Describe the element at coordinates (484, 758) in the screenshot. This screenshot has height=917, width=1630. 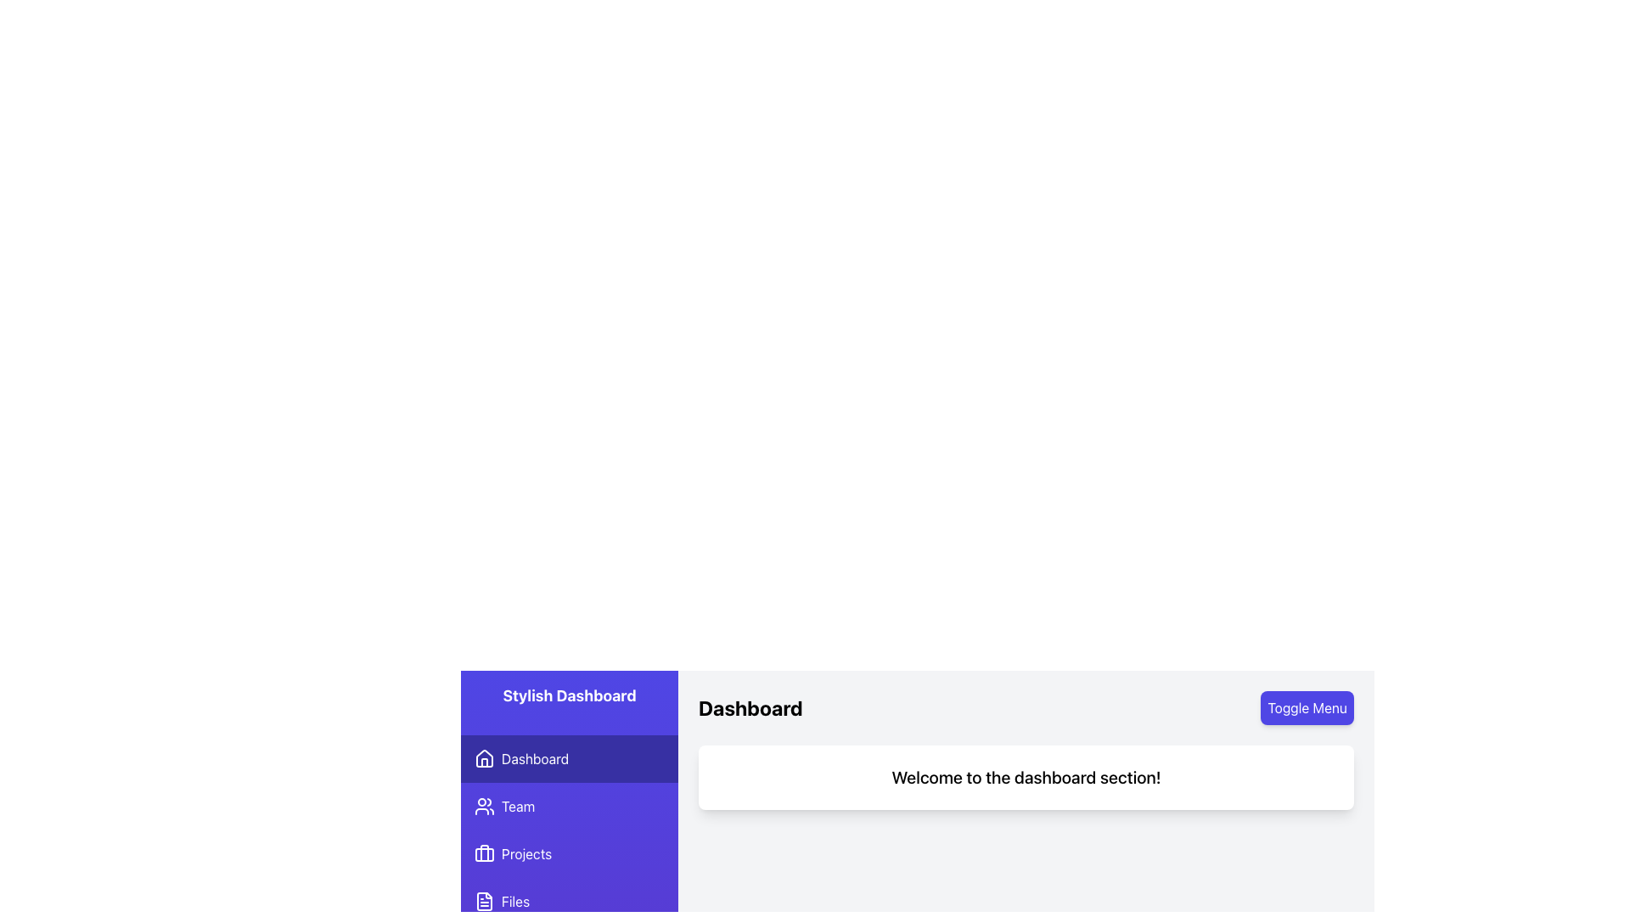
I see `the house icon located in the sidebar menu next to the 'Dashboard' text, which features a minimalistic design with a purple background` at that location.